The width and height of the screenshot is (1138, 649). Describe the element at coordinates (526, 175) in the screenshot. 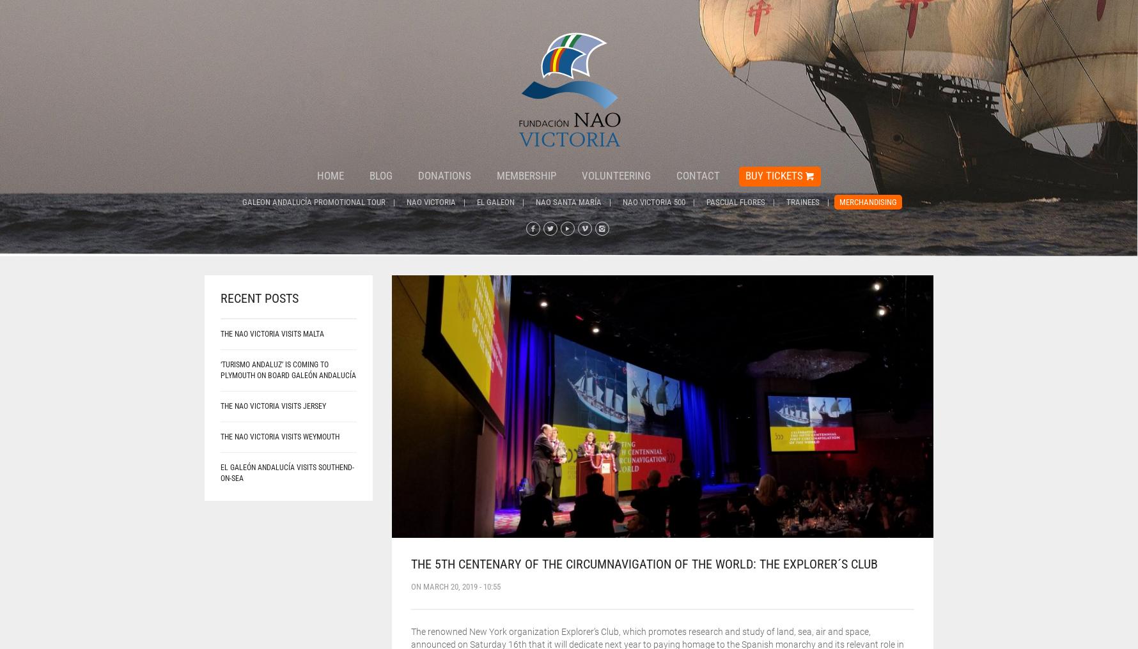

I see `'Membership'` at that location.